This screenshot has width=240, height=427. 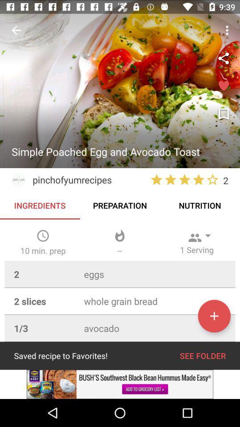 What do you see at coordinates (16, 30) in the screenshot?
I see `go back` at bounding box center [16, 30].